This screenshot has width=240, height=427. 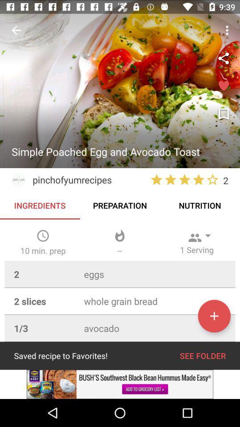 What do you see at coordinates (16, 30) in the screenshot?
I see `go back` at bounding box center [16, 30].